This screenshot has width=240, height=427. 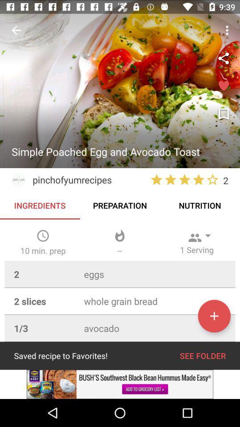 What do you see at coordinates (16, 30) in the screenshot?
I see `go back` at bounding box center [16, 30].